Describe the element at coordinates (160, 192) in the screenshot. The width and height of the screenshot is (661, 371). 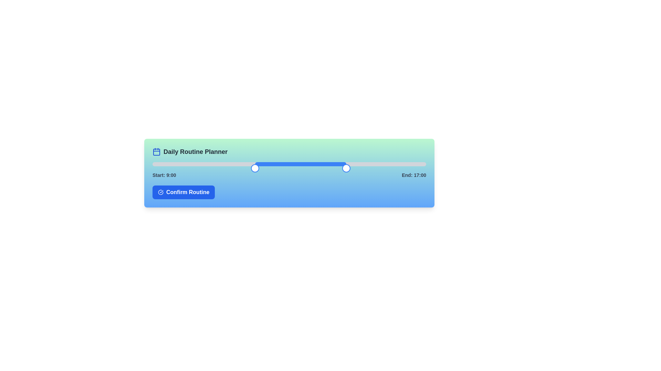
I see `the circular icon with a checkmark located to the left of the 'Confirm Routine' button` at that location.